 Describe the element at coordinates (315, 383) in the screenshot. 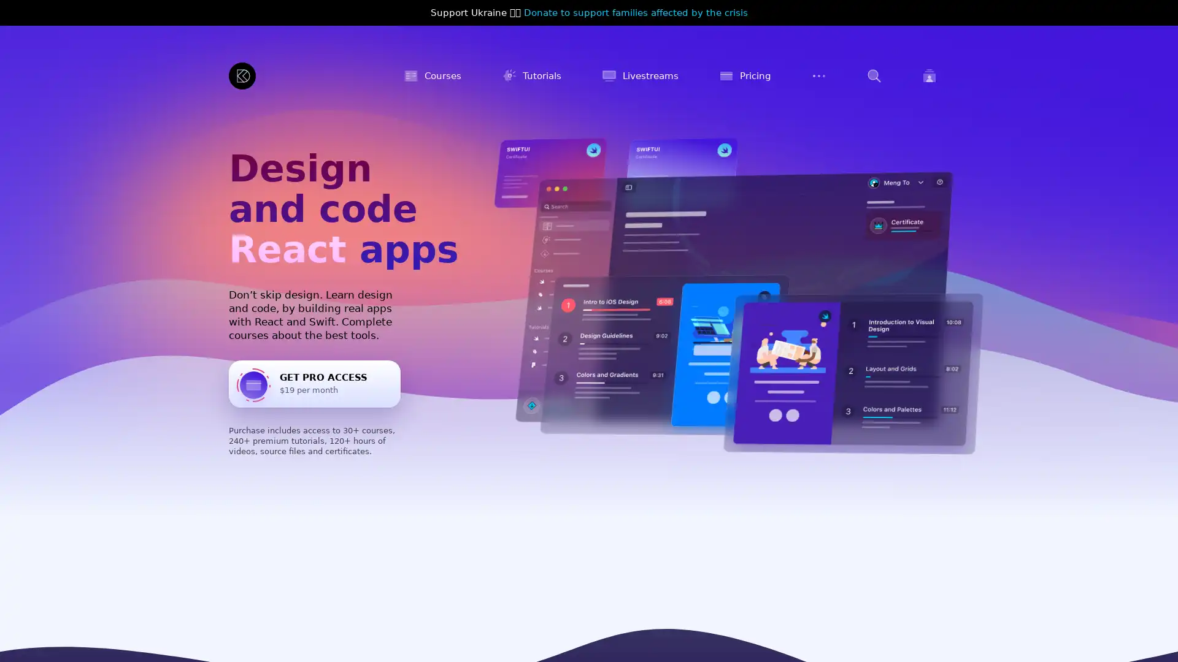

I see `Get Pro Access icon GET PRO ACCESS $19 per month` at that location.